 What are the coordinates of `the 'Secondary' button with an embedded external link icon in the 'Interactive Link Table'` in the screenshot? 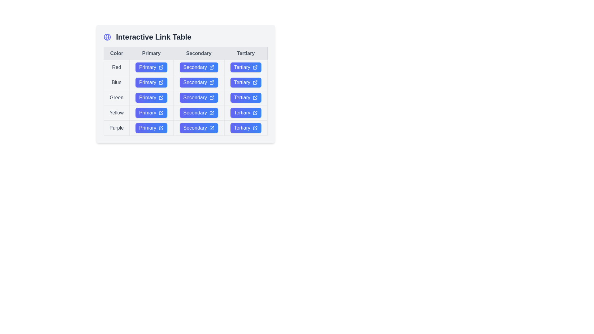 It's located at (199, 127).